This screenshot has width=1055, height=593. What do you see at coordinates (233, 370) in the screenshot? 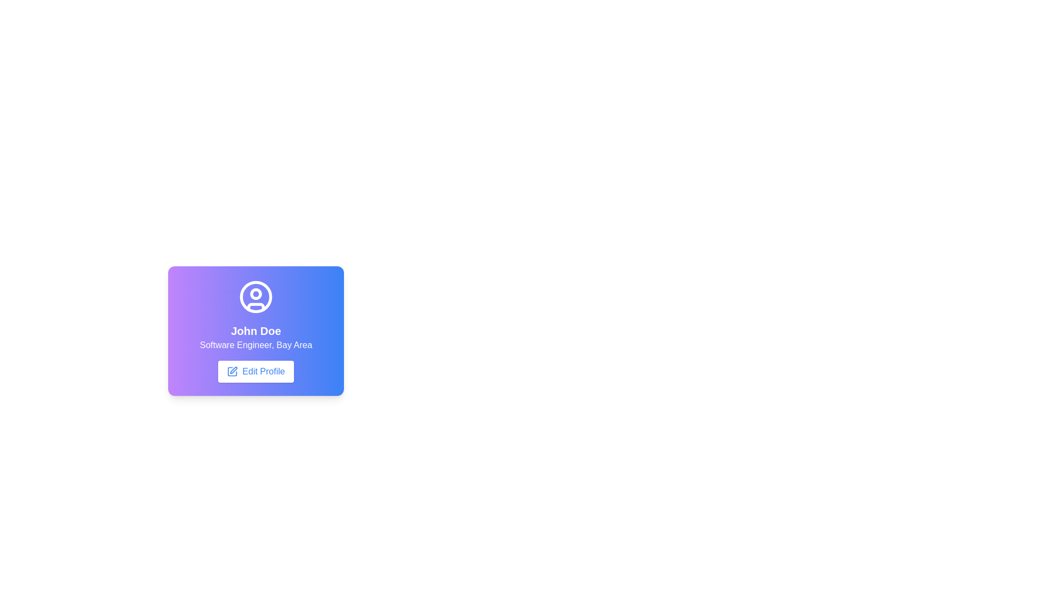
I see `the decorative icon indicating editing capability inside the 'Edit Profile' button, located near the left side` at bounding box center [233, 370].